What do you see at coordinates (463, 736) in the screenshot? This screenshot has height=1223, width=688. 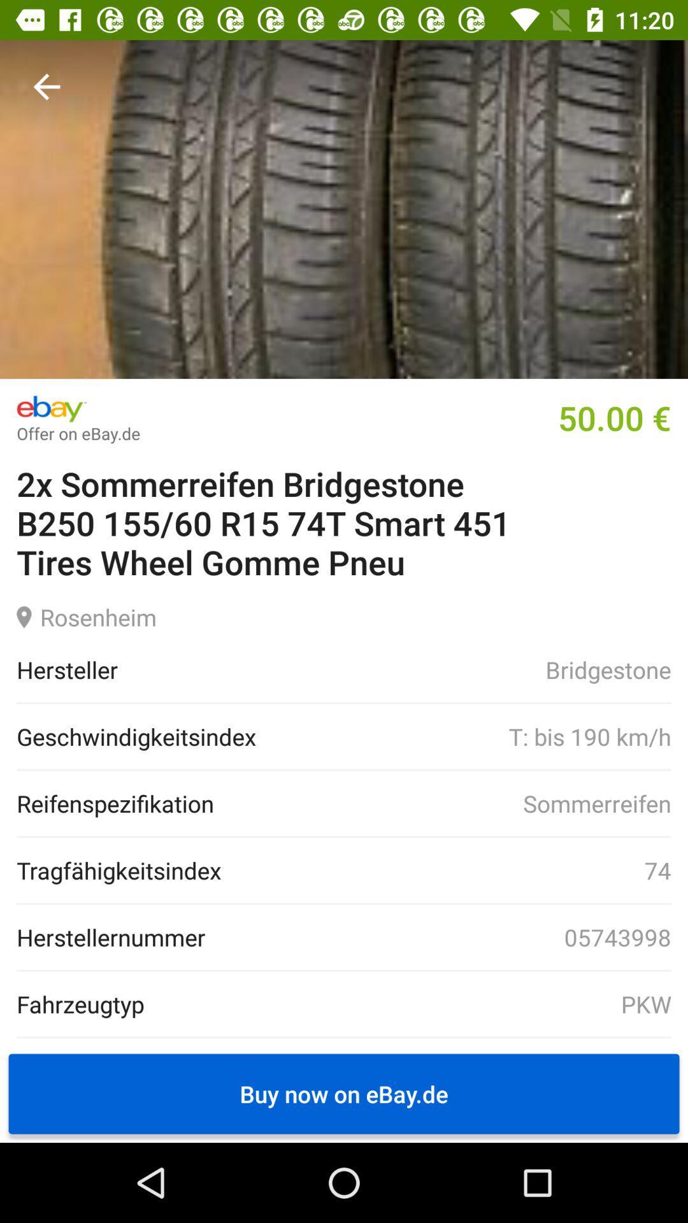 I see `the item next to geschwindigkeitsindex icon` at bounding box center [463, 736].